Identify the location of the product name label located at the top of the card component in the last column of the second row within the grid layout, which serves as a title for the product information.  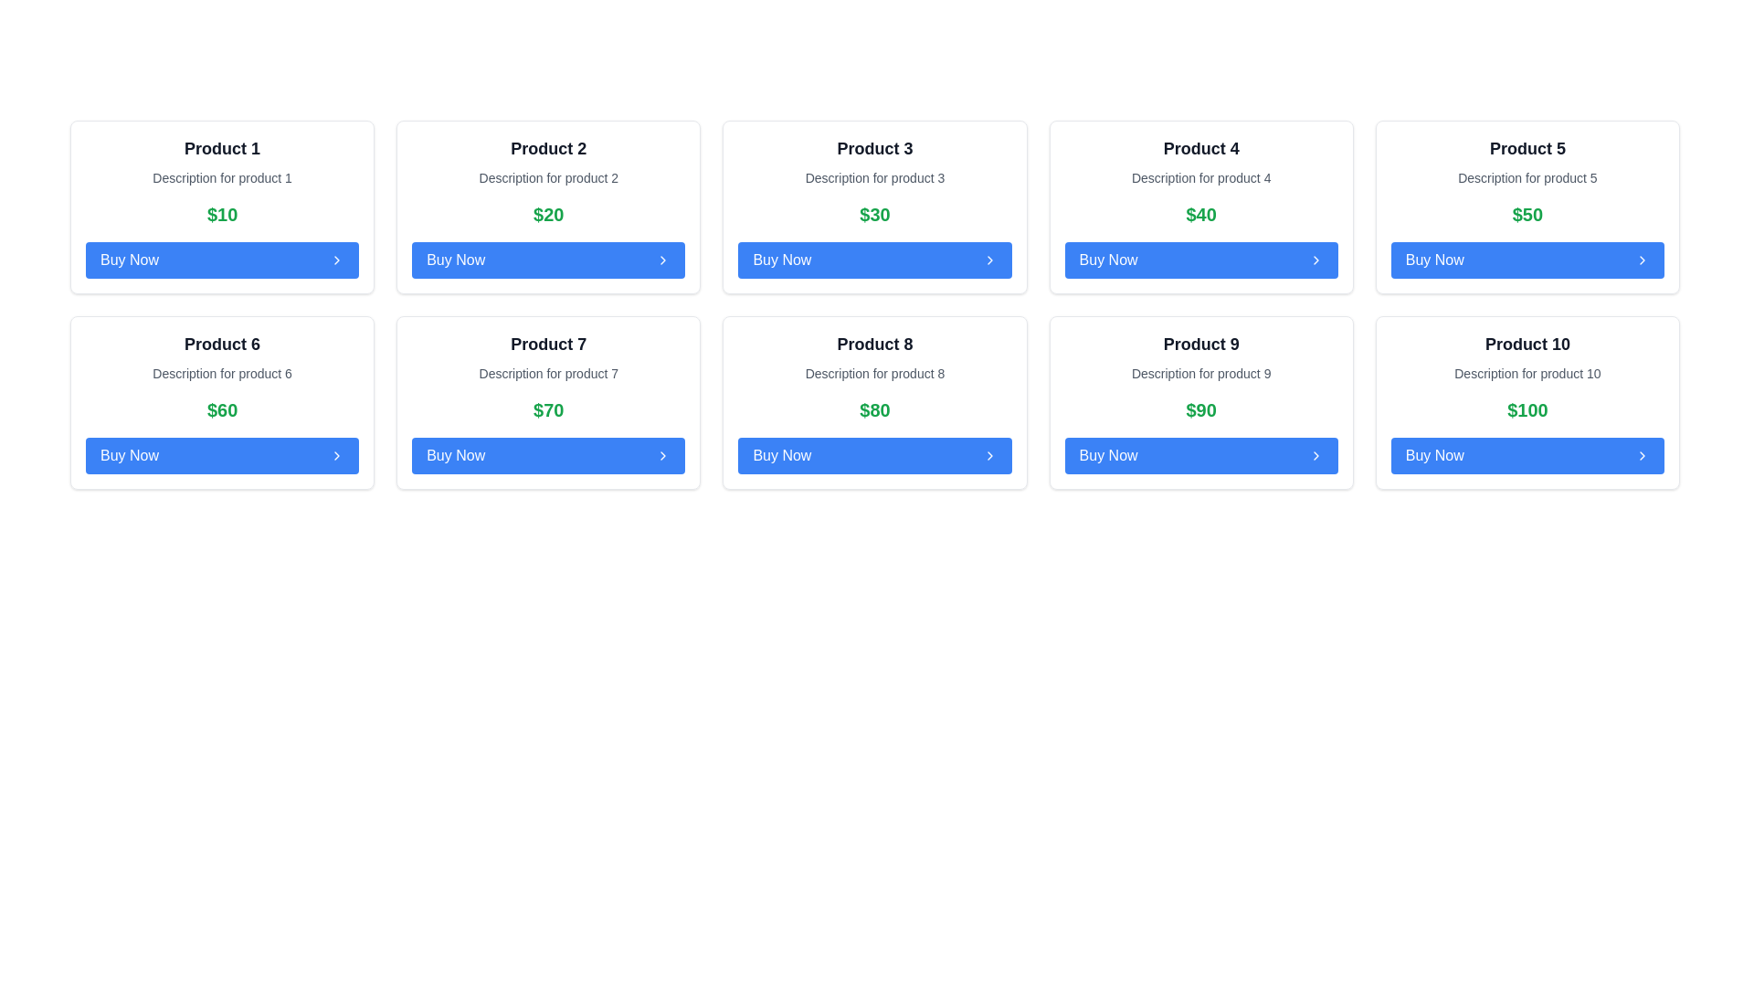
(1527, 345).